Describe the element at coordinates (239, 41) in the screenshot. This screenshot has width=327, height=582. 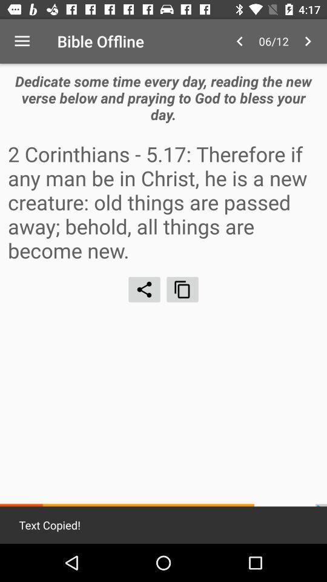
I see `item next to the 06/12` at that location.